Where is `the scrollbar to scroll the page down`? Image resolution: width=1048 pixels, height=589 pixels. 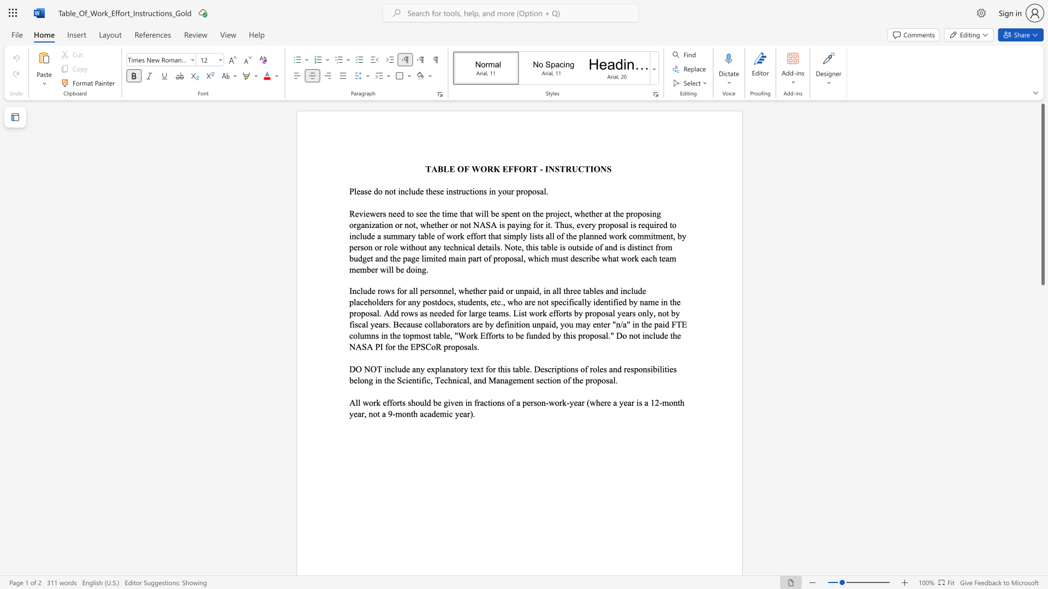 the scrollbar to scroll the page down is located at coordinates (1042, 408).